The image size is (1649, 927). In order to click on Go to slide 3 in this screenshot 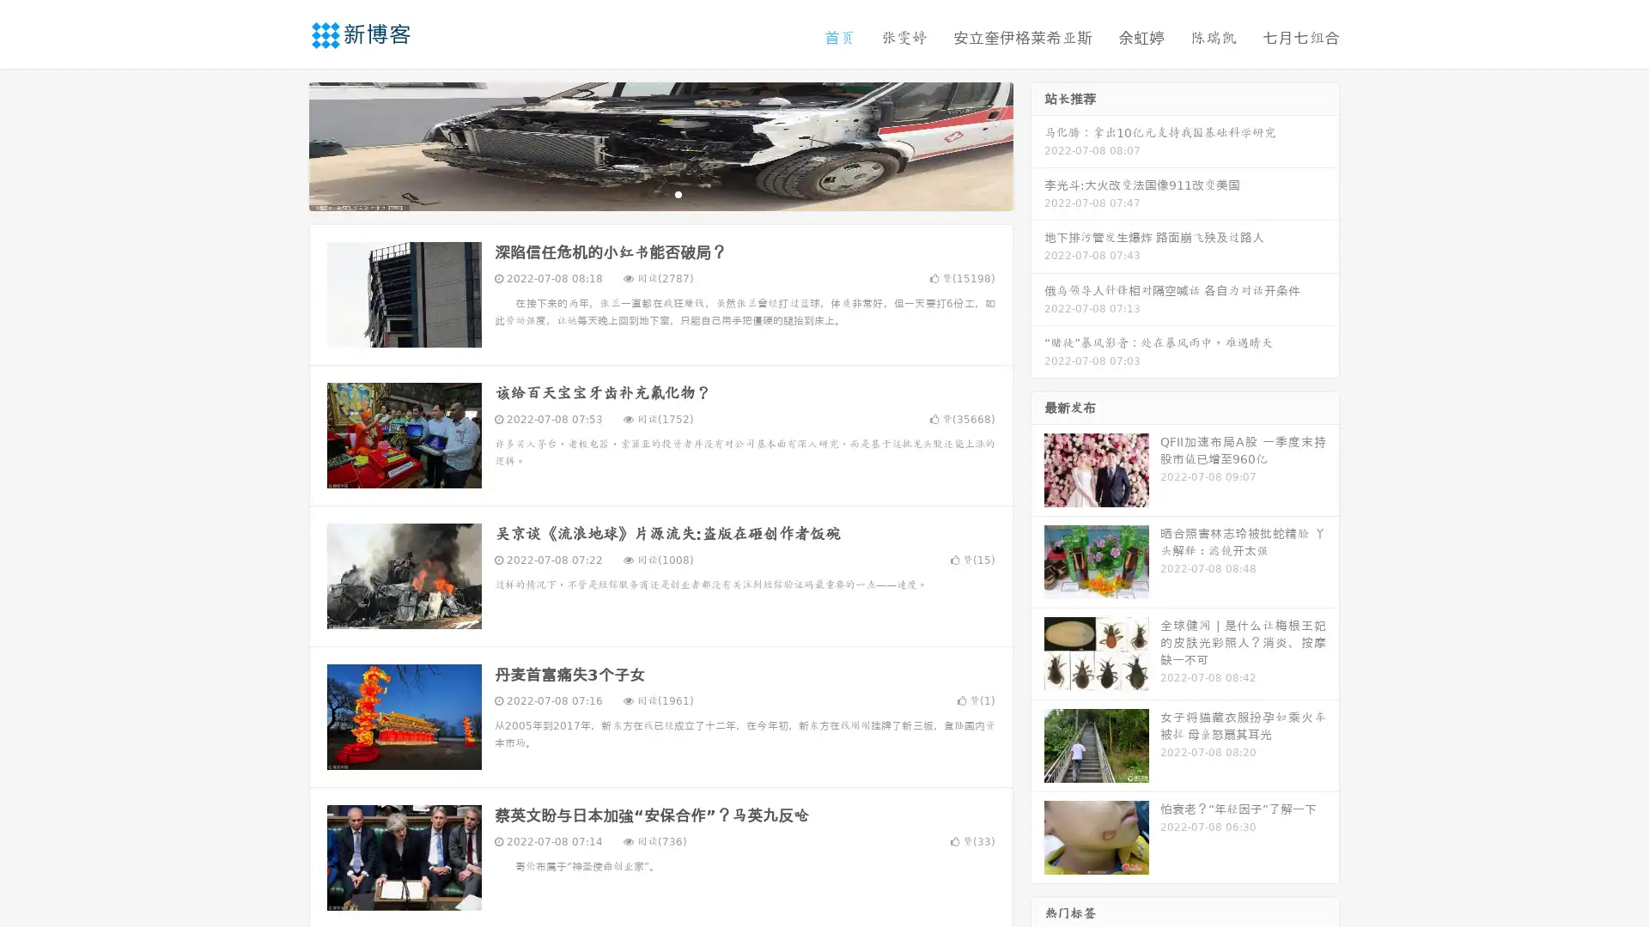, I will do `click(678, 193)`.